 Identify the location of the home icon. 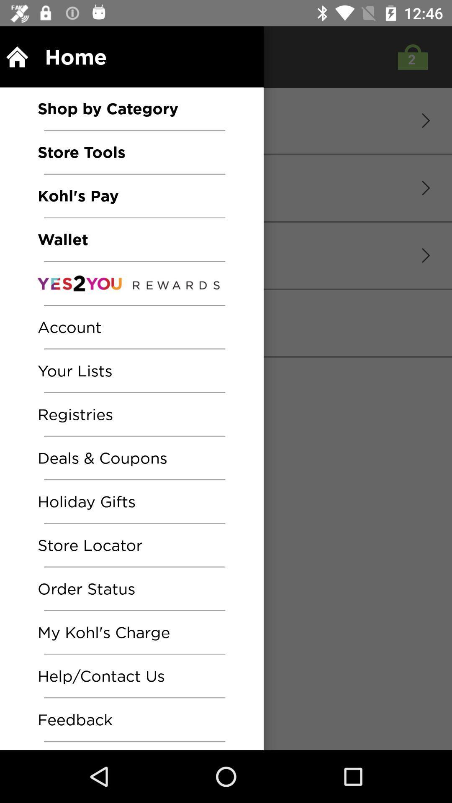
(30, 56).